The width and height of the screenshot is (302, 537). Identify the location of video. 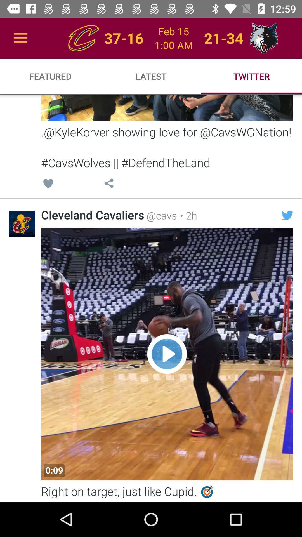
(167, 354).